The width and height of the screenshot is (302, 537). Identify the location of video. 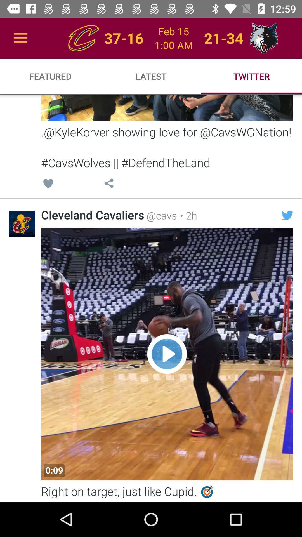
(167, 354).